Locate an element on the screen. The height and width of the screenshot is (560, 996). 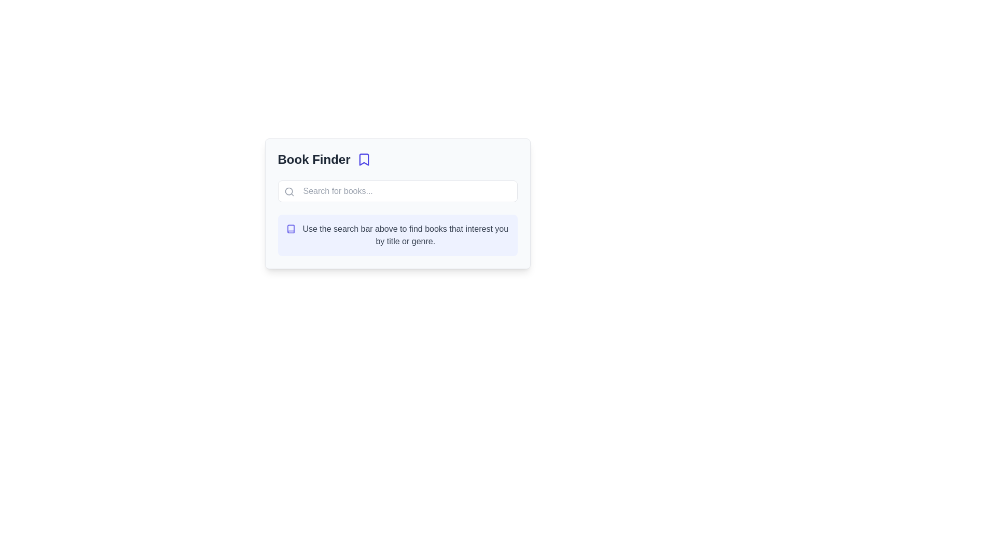
guidance text in the Notification box located at the bottom of the layout under the search bar is located at coordinates (397, 235).